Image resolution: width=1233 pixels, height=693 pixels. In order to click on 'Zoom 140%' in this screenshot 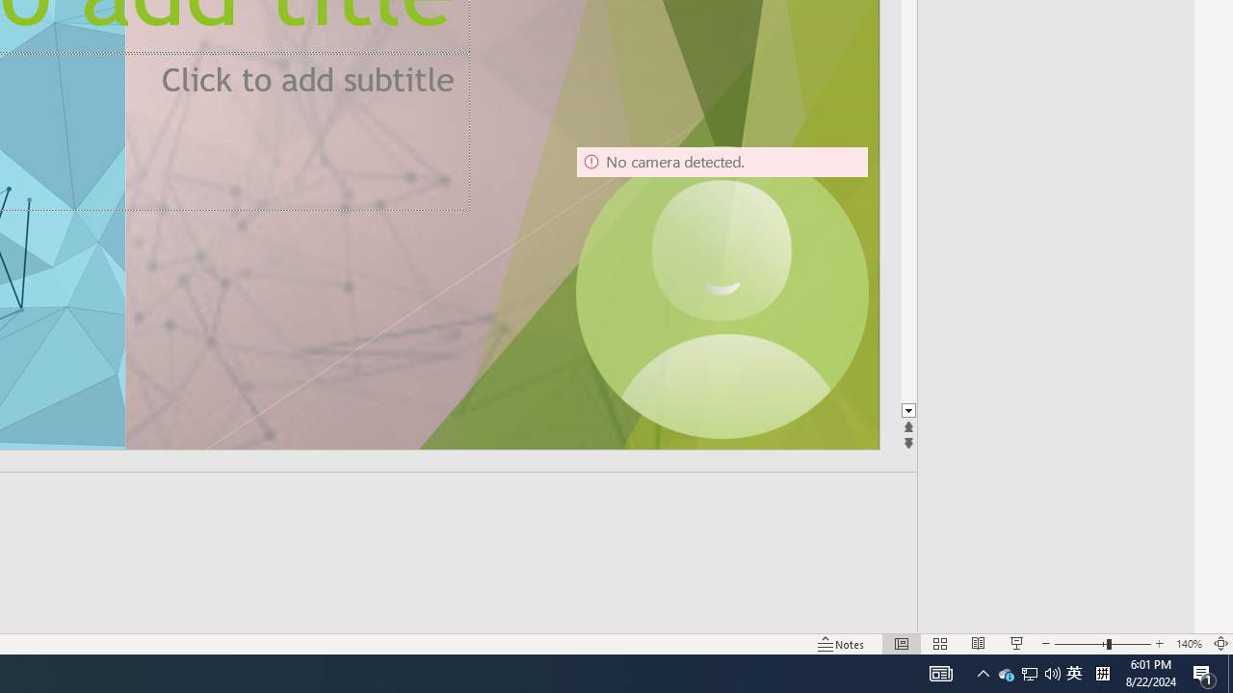, I will do `click(1188, 644)`.